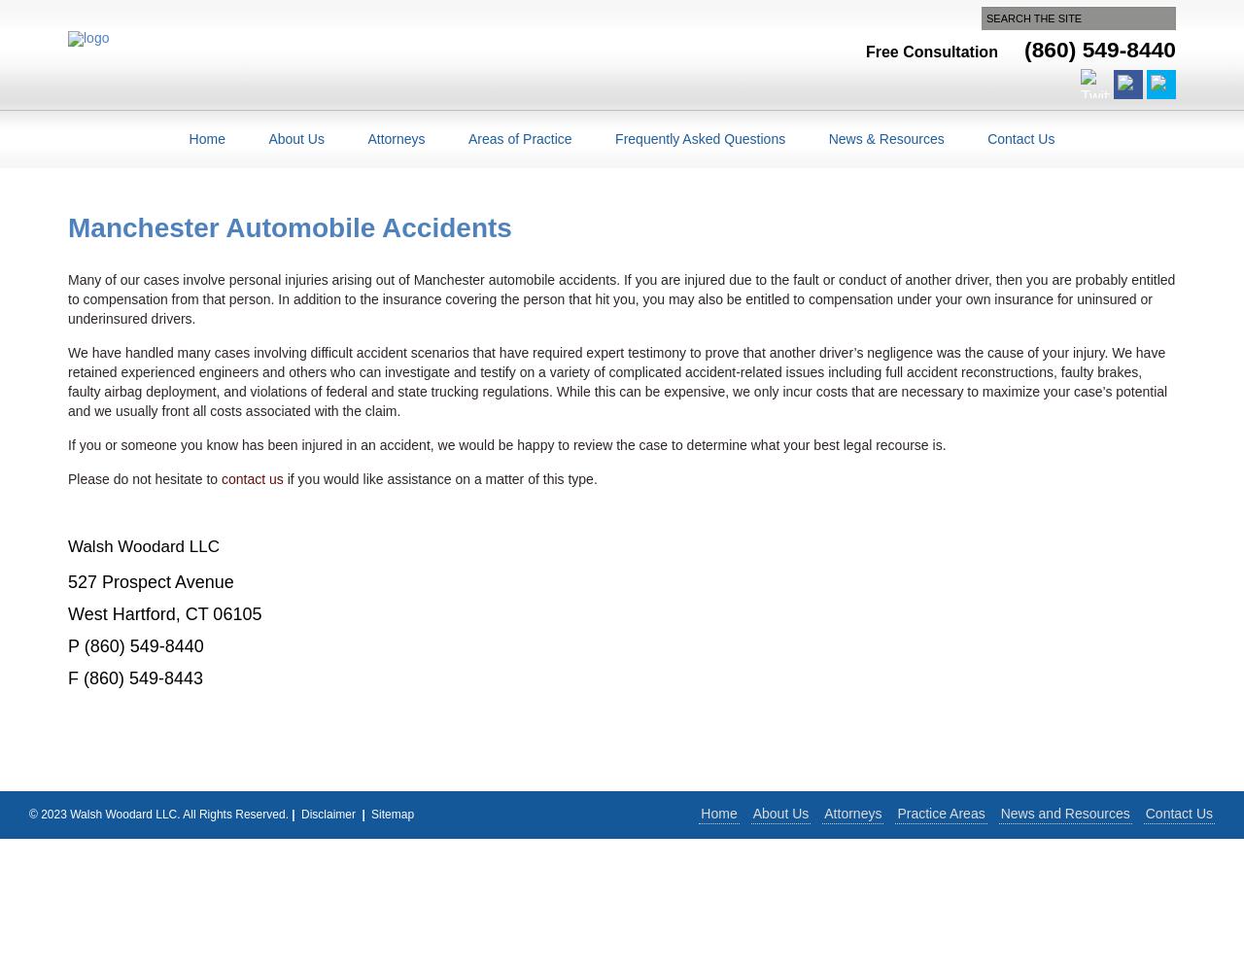 This screenshot has height=972, width=1244. I want to click on 'Home', so click(206, 138).